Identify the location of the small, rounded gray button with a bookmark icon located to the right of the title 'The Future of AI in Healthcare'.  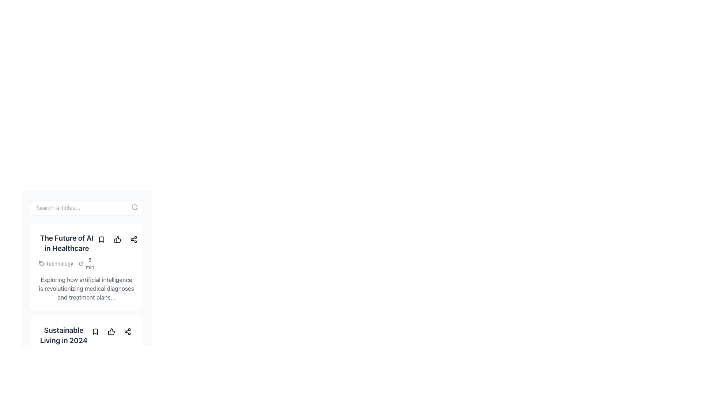
(101, 240).